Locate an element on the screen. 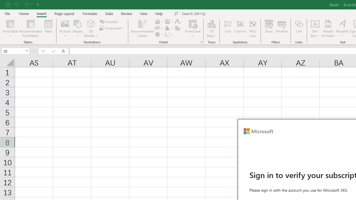 The width and height of the screenshot is (356, 200). 'Review' is located at coordinates (126, 13).